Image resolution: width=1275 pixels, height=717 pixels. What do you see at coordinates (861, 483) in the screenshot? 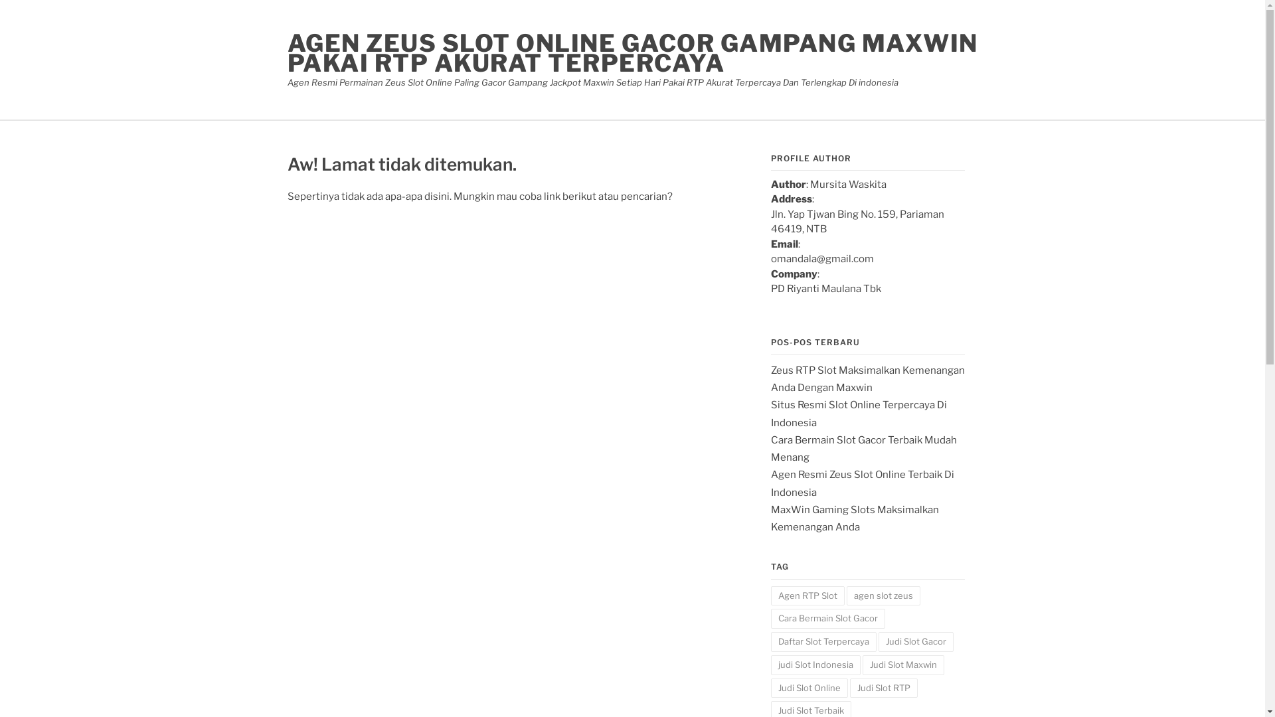
I see `'Agen Resmi Zeus Slot Online Terbaik Di Indonesia'` at bounding box center [861, 483].